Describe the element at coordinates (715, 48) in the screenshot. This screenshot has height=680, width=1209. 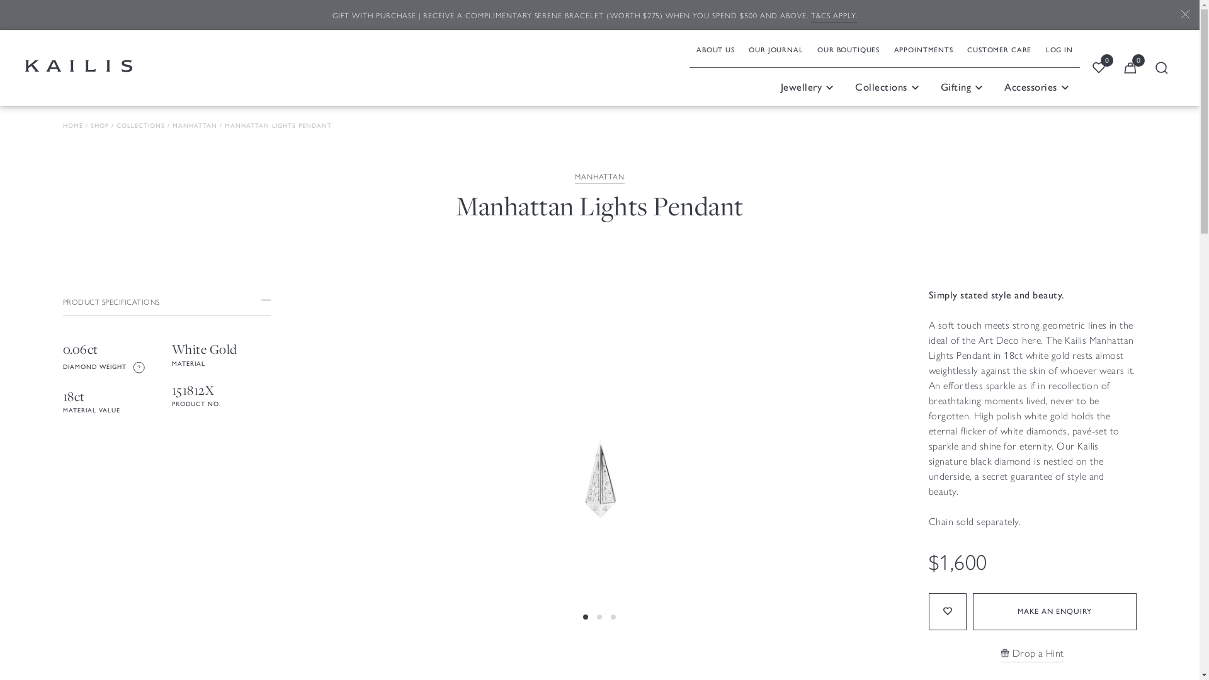
I see `'ABOUT US'` at that location.